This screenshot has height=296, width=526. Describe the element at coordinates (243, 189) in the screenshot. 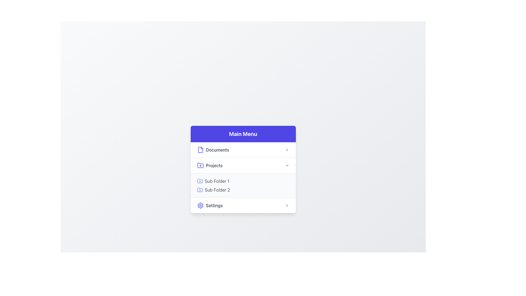

I see `the second menu item under 'Projects'` at that location.